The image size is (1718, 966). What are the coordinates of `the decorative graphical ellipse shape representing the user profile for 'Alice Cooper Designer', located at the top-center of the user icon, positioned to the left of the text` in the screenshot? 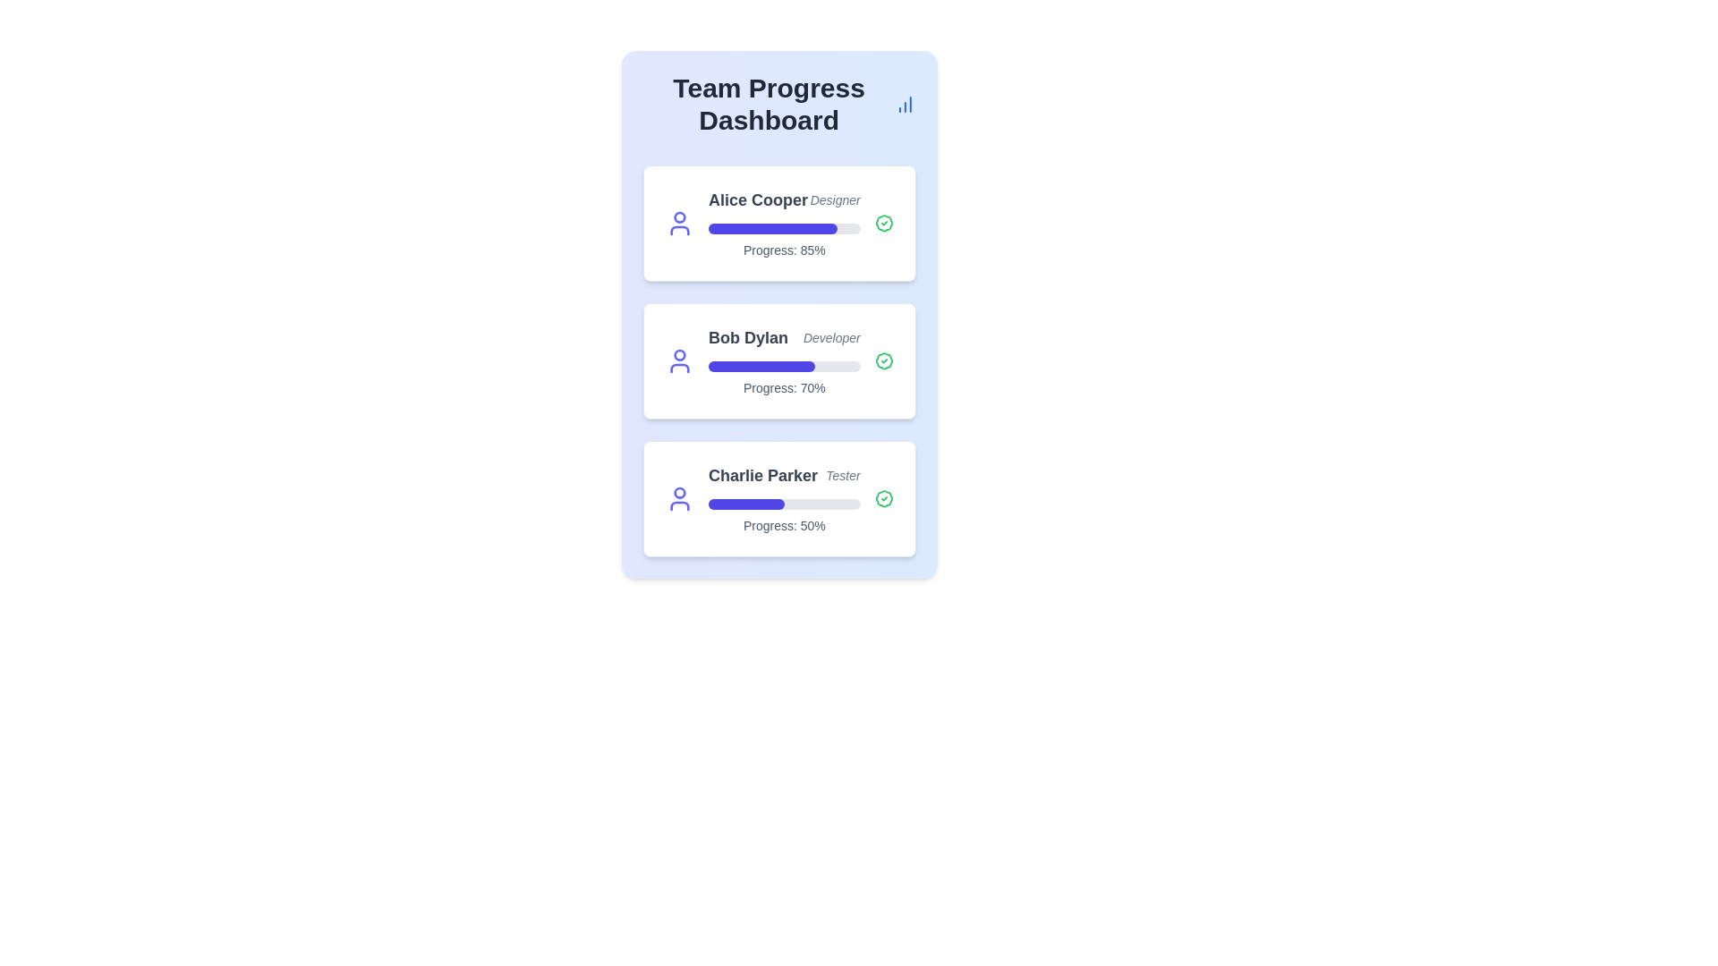 It's located at (678, 216).